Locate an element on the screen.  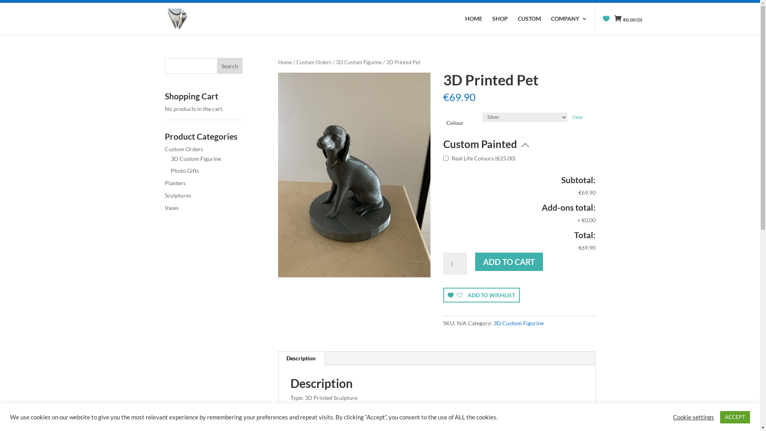
'Vases' is located at coordinates (164, 207).